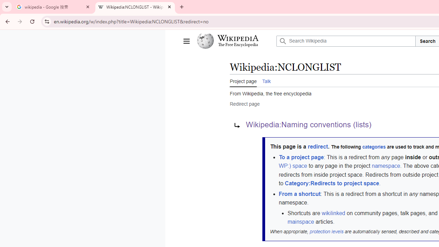 The width and height of the screenshot is (439, 247). What do you see at coordinates (32, 21) in the screenshot?
I see `'Reload'` at bounding box center [32, 21].